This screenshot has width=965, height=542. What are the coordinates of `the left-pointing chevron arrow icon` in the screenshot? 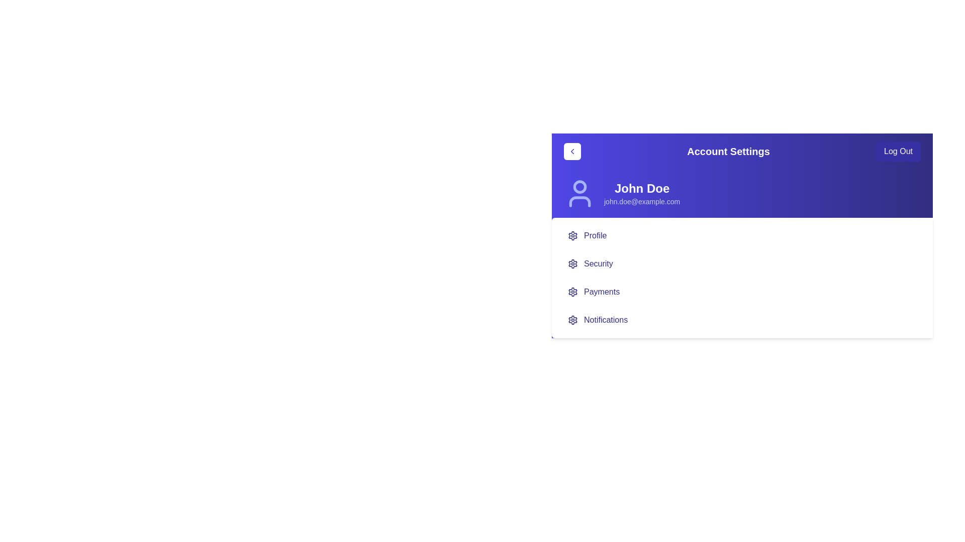 It's located at (572, 151).